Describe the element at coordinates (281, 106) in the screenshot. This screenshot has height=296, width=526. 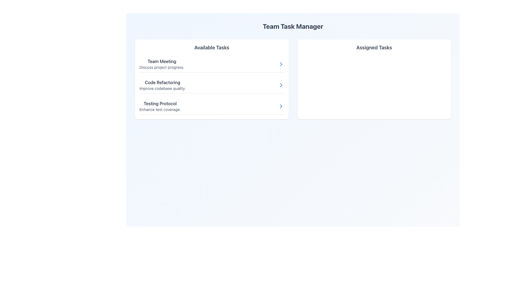
I see `the chevron icon in the third item of the 'Available Tasks' section` at that location.